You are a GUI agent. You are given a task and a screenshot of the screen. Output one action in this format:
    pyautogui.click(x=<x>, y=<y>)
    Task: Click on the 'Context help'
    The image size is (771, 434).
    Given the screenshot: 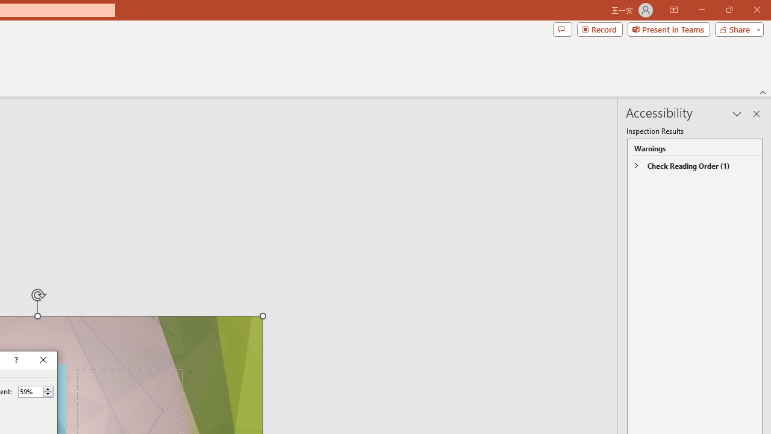 What is the action you would take?
    pyautogui.click(x=15, y=359)
    